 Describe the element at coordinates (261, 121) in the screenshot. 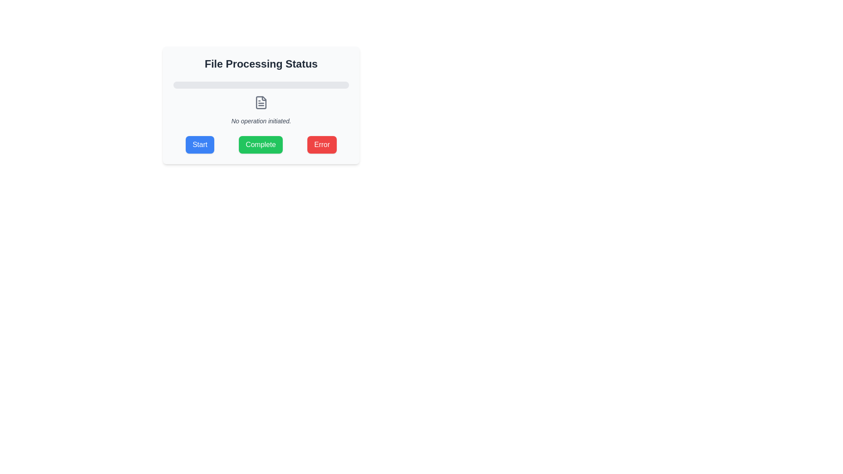

I see `the text label displaying 'No operation initiated.' which is styled in gray, italicized, and small font, located beneath the processing status icon and above the buttons labeled 'Start', 'Complete', and 'Error'` at that location.